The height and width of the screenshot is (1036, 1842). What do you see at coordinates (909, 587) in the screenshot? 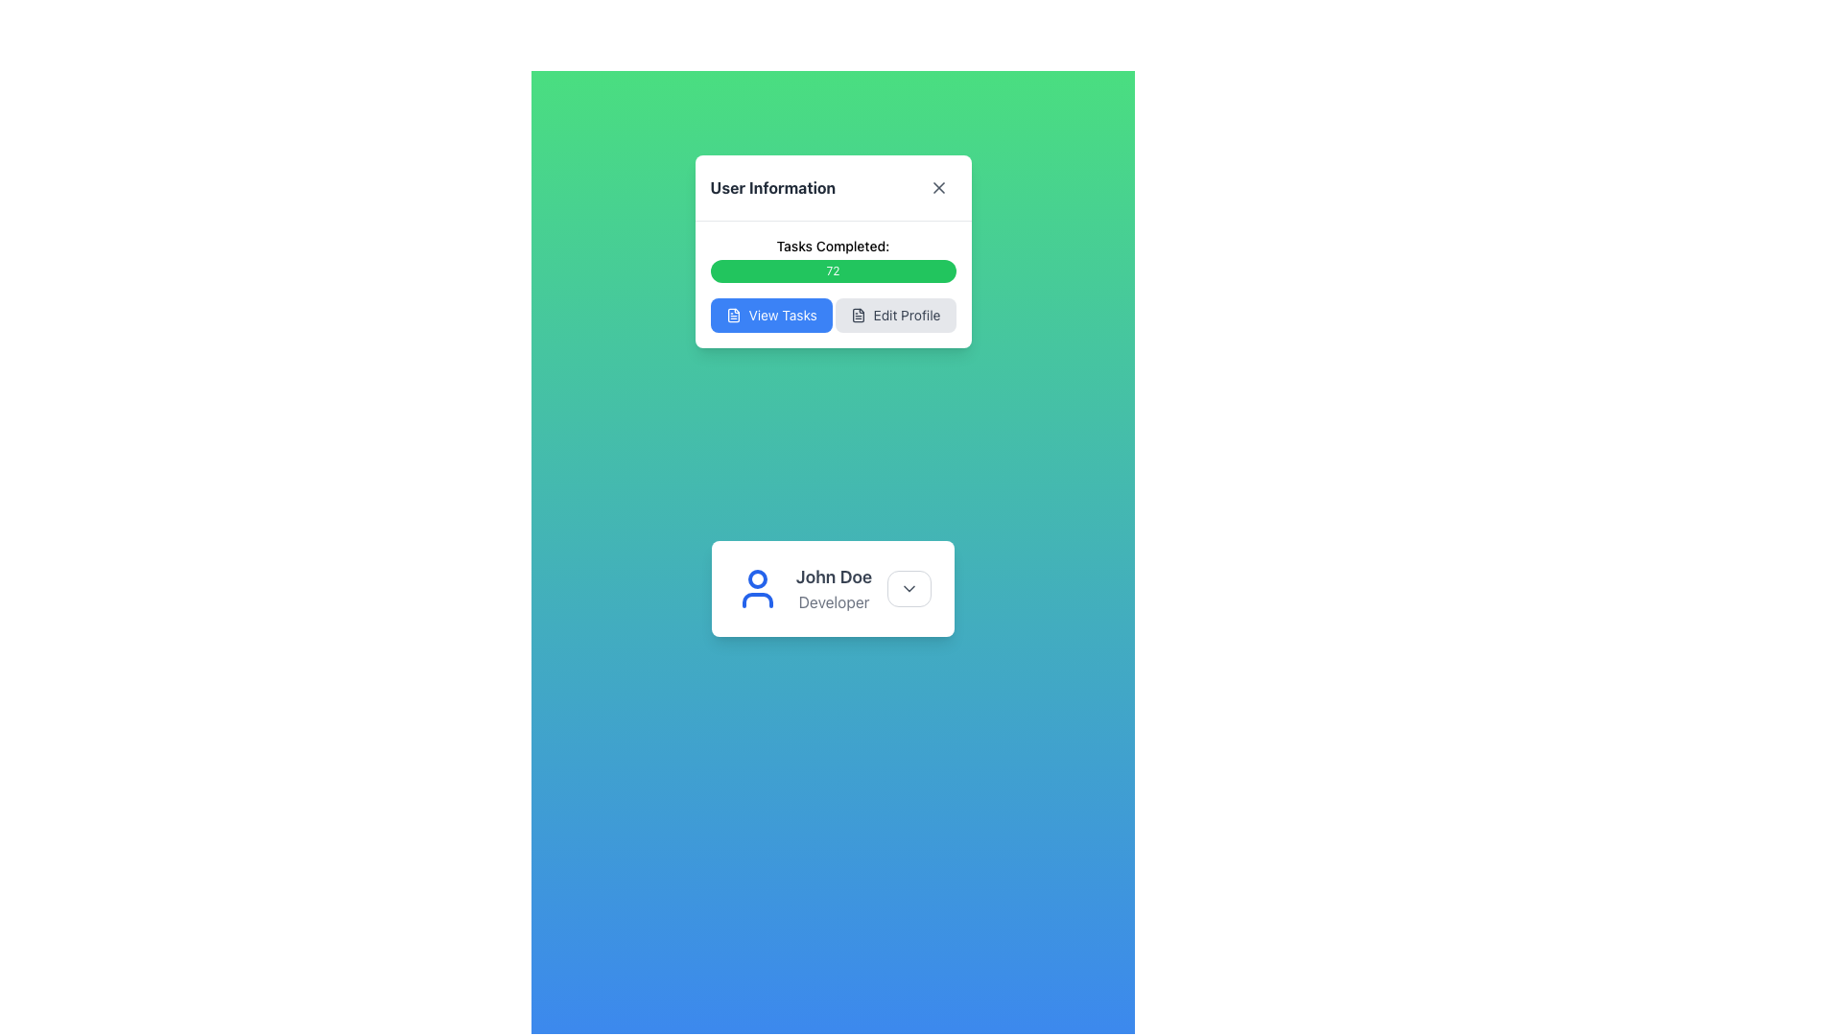
I see `the downward chevron icon located in the top-right area of the button beside the 'John Doe' label` at bounding box center [909, 587].